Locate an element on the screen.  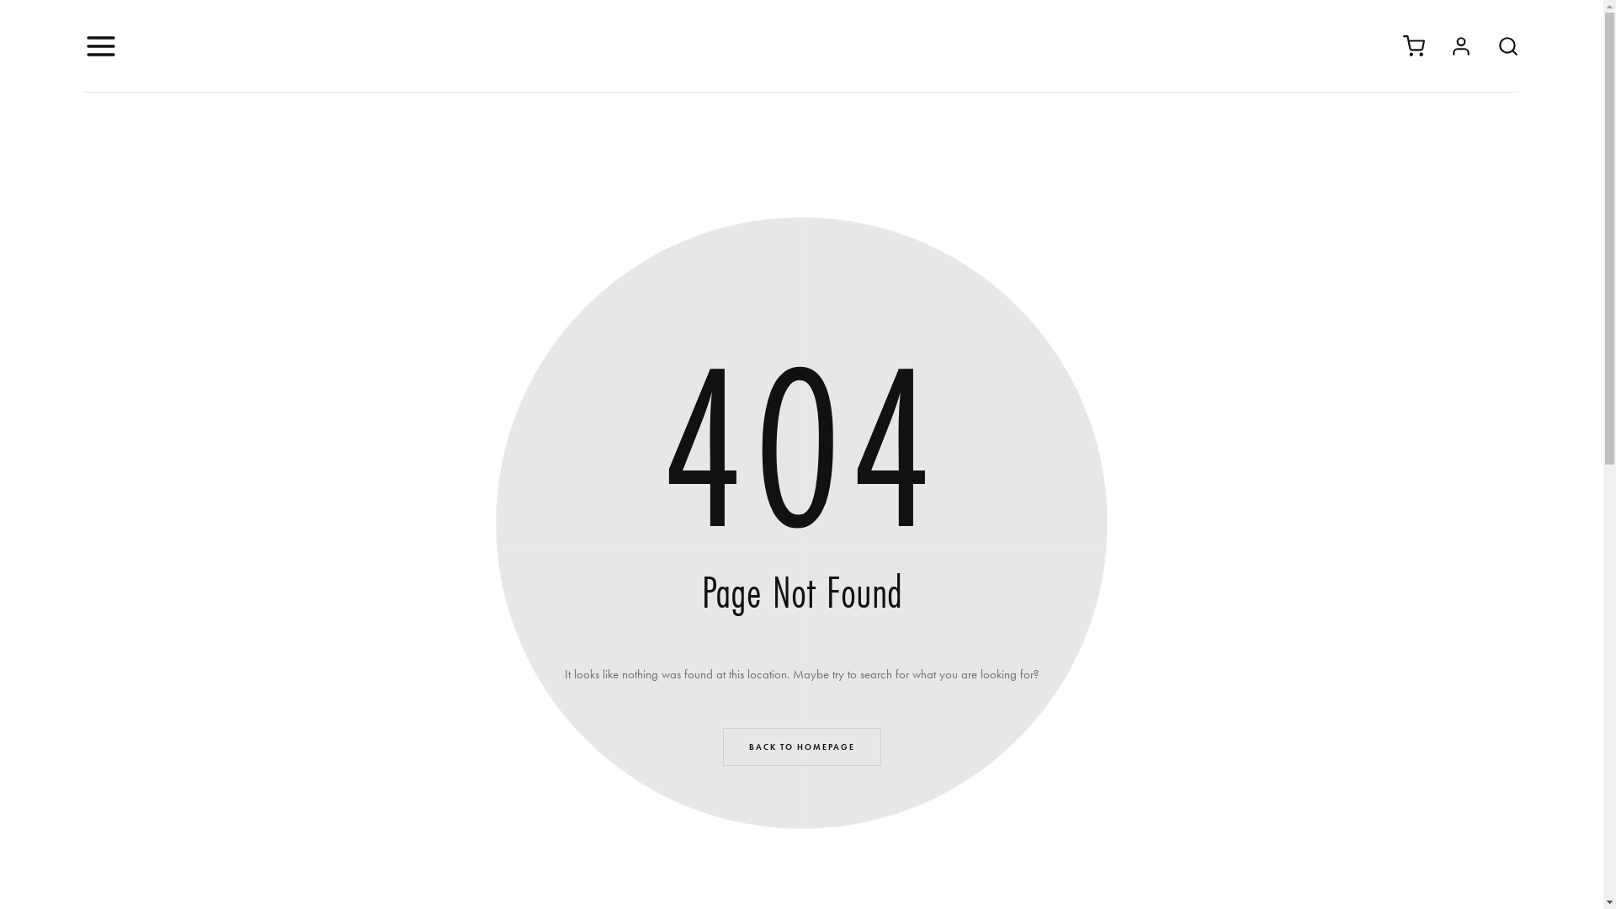
'BACK TO HOMEPAGE' is located at coordinates (800, 746).